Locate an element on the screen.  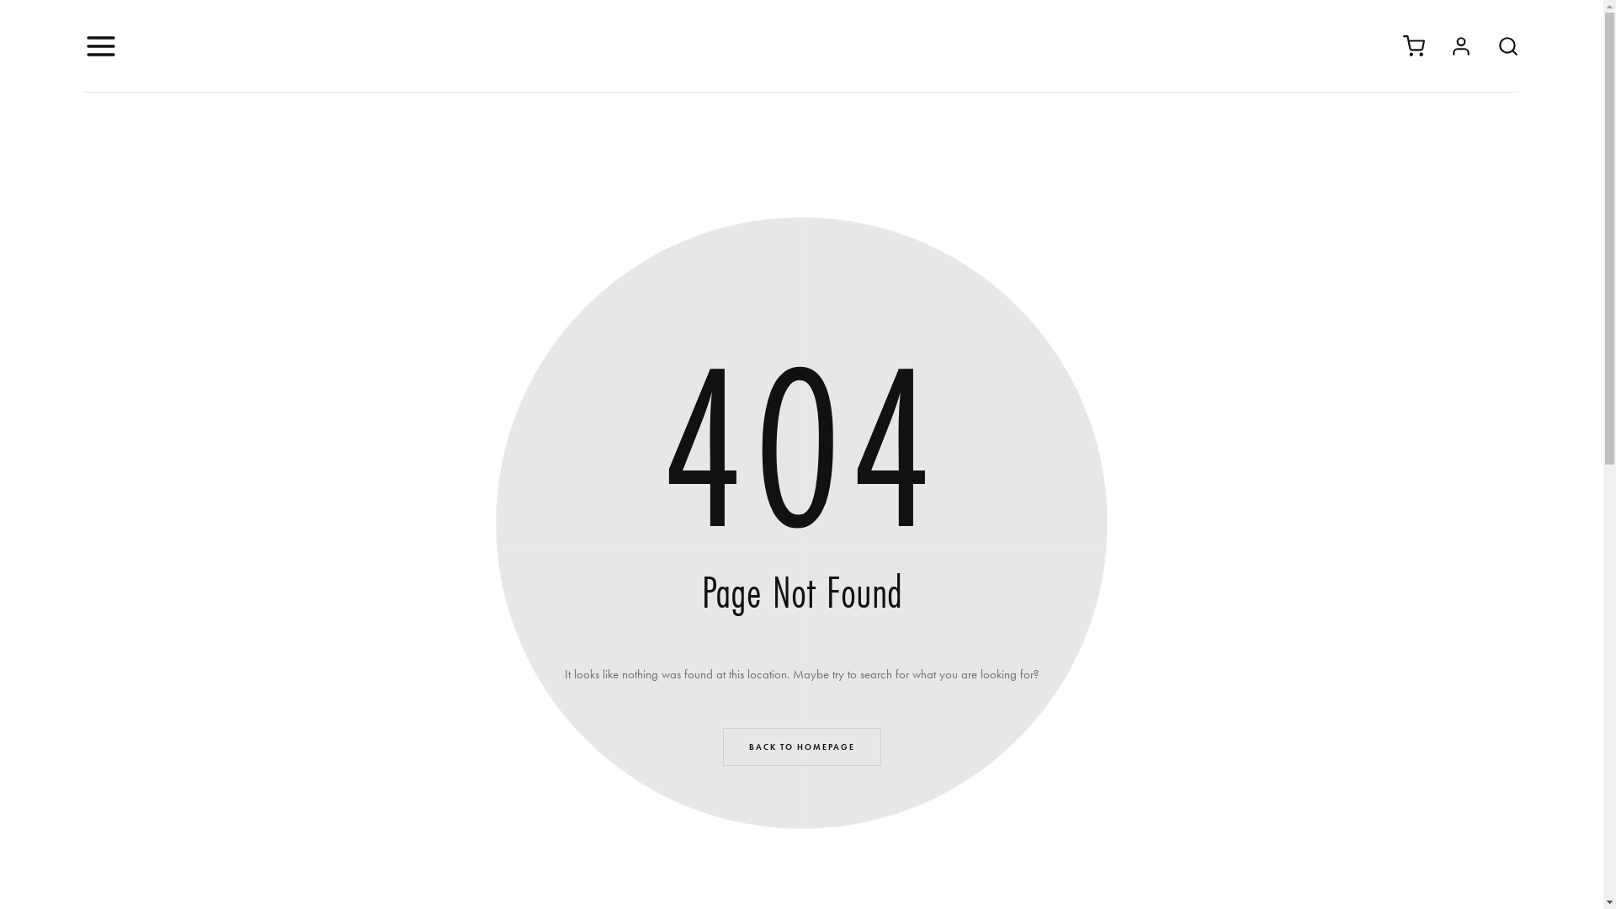
'BACK TO HOMEPAGE' is located at coordinates (800, 746).